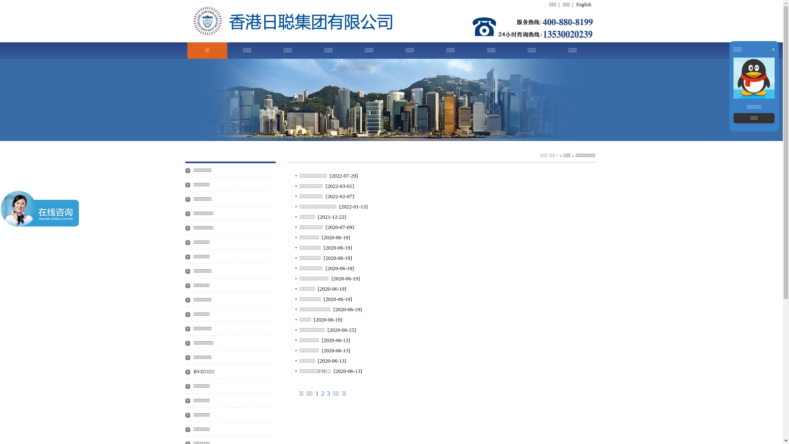 This screenshot has height=444, width=789. I want to click on '2', so click(322, 393).